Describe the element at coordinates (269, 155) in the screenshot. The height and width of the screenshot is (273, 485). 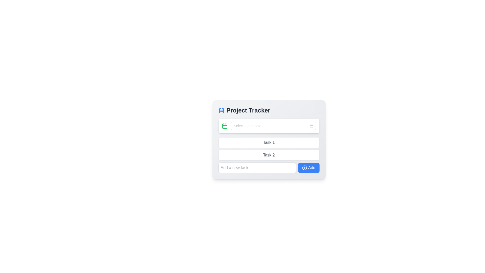
I see `the task list area in the Project Tracker interface for highlighting the tasks, which includes 'Task 1', 'Task 2', and the input field with the 'Add' button` at that location.